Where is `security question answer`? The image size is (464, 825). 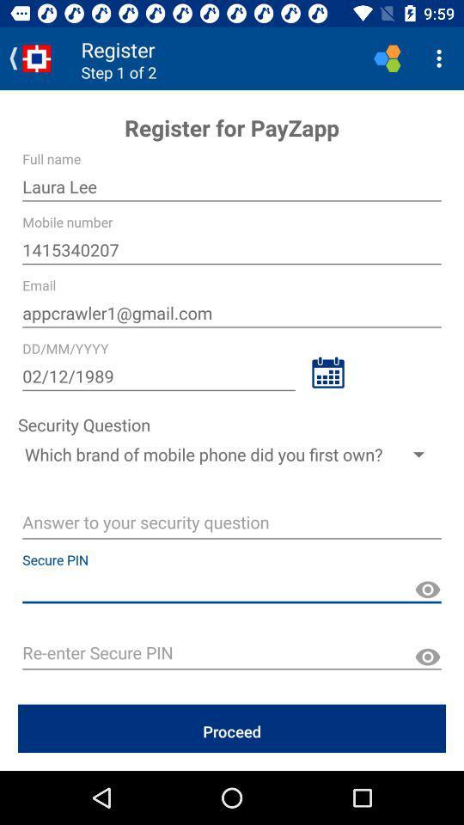
security question answer is located at coordinates (232, 523).